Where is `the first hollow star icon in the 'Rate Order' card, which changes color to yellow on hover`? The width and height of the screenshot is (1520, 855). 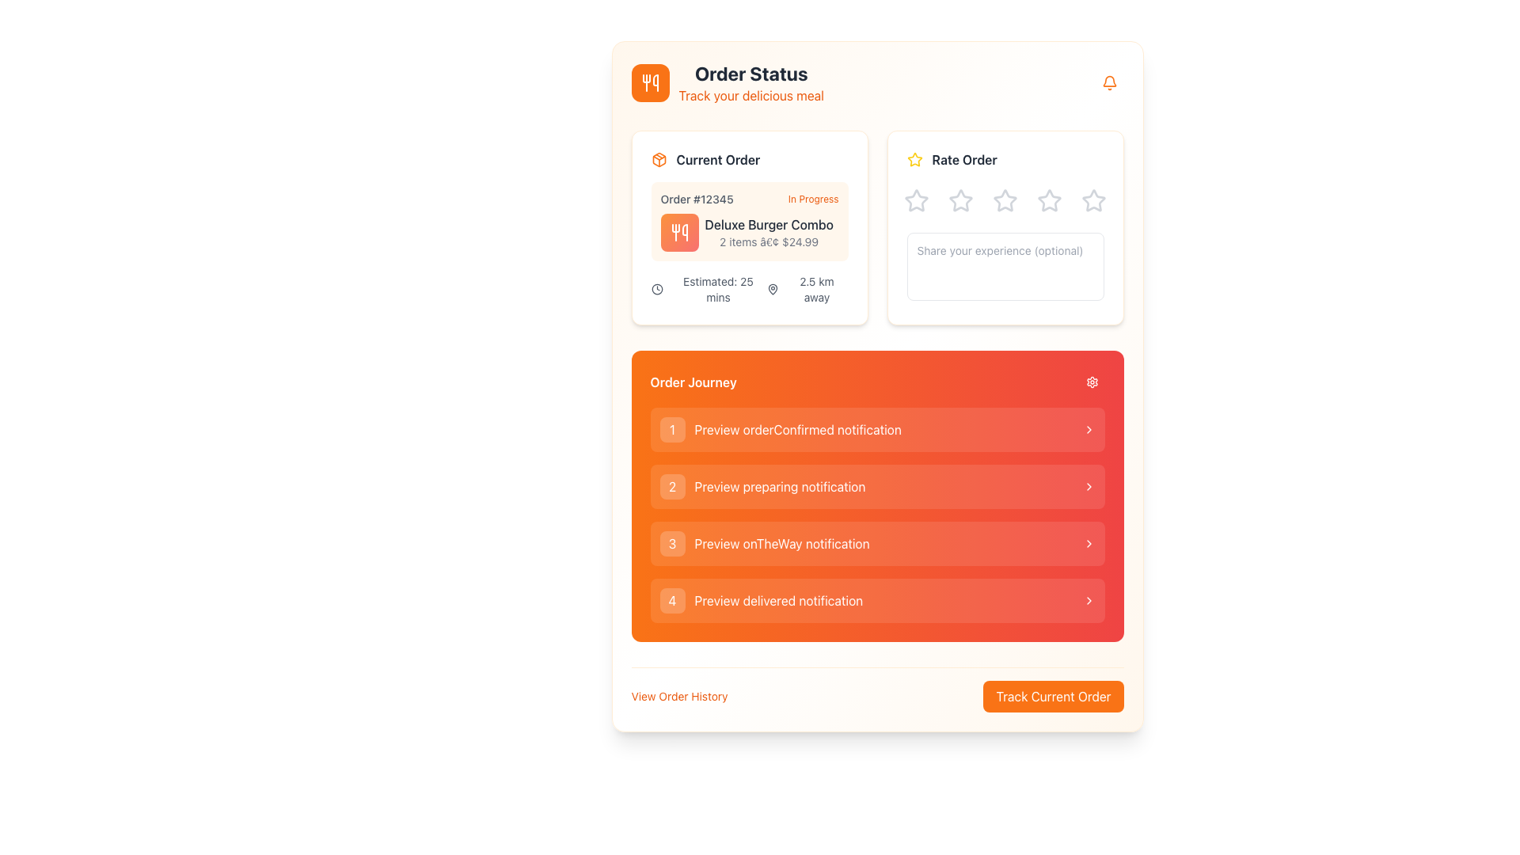 the first hollow star icon in the 'Rate Order' card, which changes color to yellow on hover is located at coordinates (916, 200).